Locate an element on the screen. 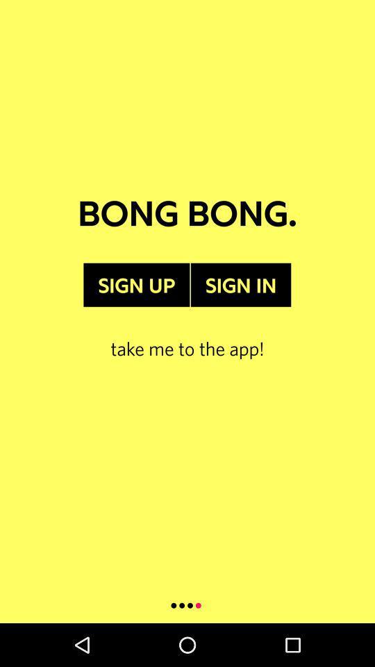  item next to the sign in icon is located at coordinates (136, 284).